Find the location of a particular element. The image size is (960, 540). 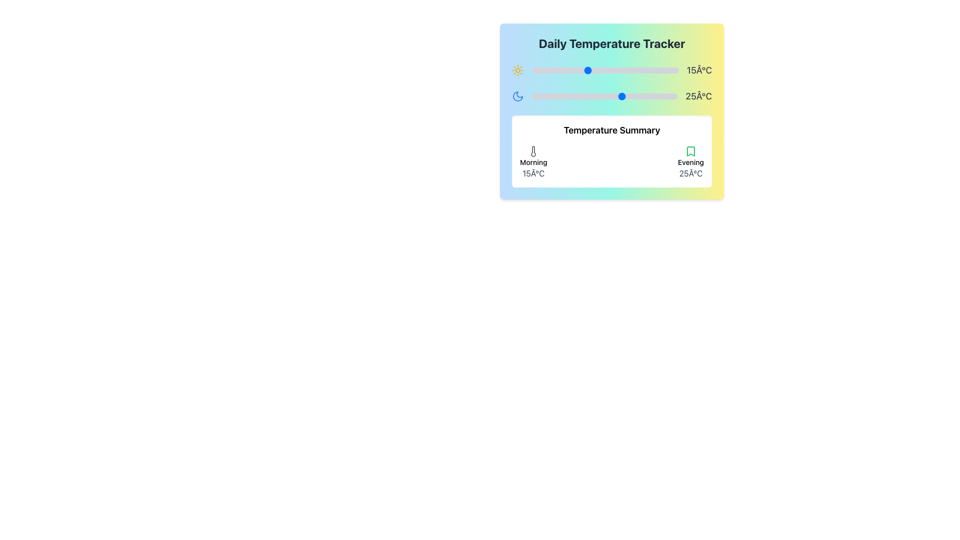

the static text label displaying '25Â°C', which is styled with medium font weight and gray color, positioned to the right of a horizontal slider in a temperature control interface is located at coordinates (698, 96).